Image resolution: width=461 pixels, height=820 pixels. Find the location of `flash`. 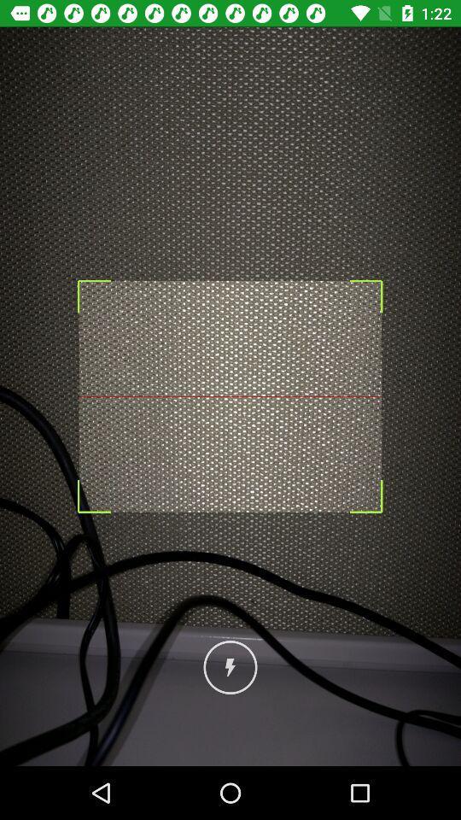

flash is located at coordinates (230, 667).